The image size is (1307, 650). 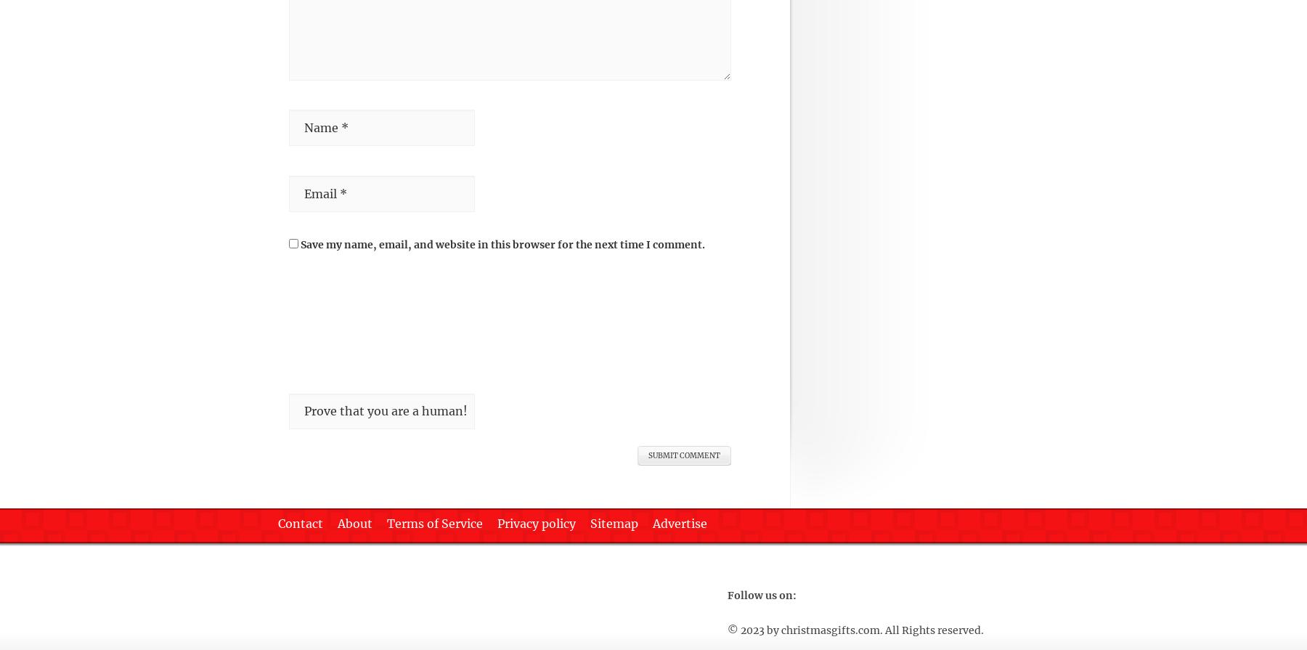 I want to click on 'About', so click(x=354, y=522).